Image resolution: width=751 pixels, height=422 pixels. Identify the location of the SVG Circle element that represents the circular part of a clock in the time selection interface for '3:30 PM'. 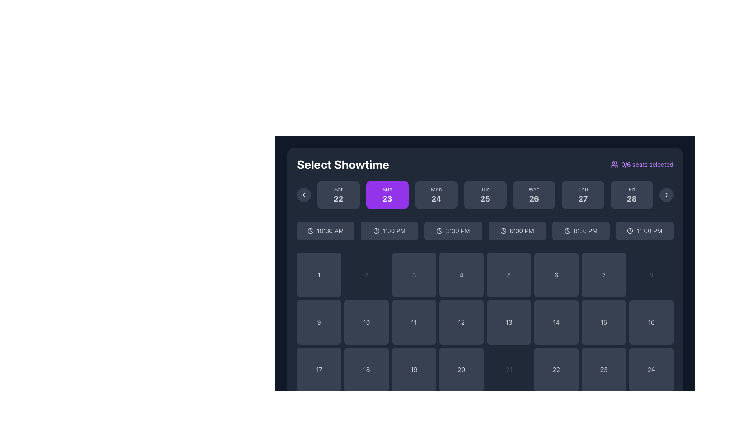
(440, 230).